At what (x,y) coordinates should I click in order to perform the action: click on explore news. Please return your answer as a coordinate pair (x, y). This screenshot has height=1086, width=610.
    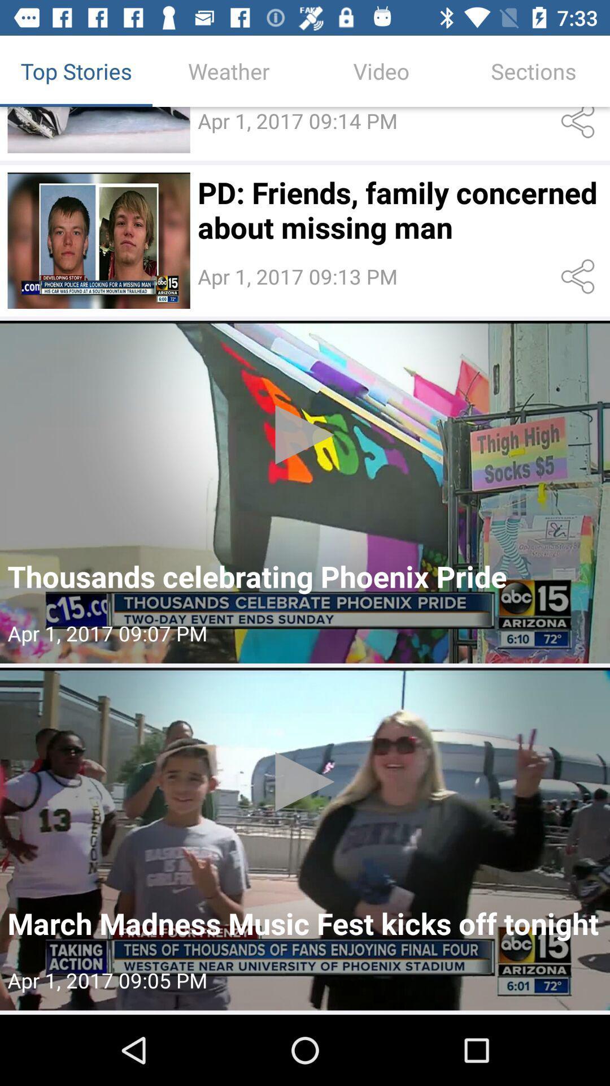
    Looking at the image, I should click on (305, 492).